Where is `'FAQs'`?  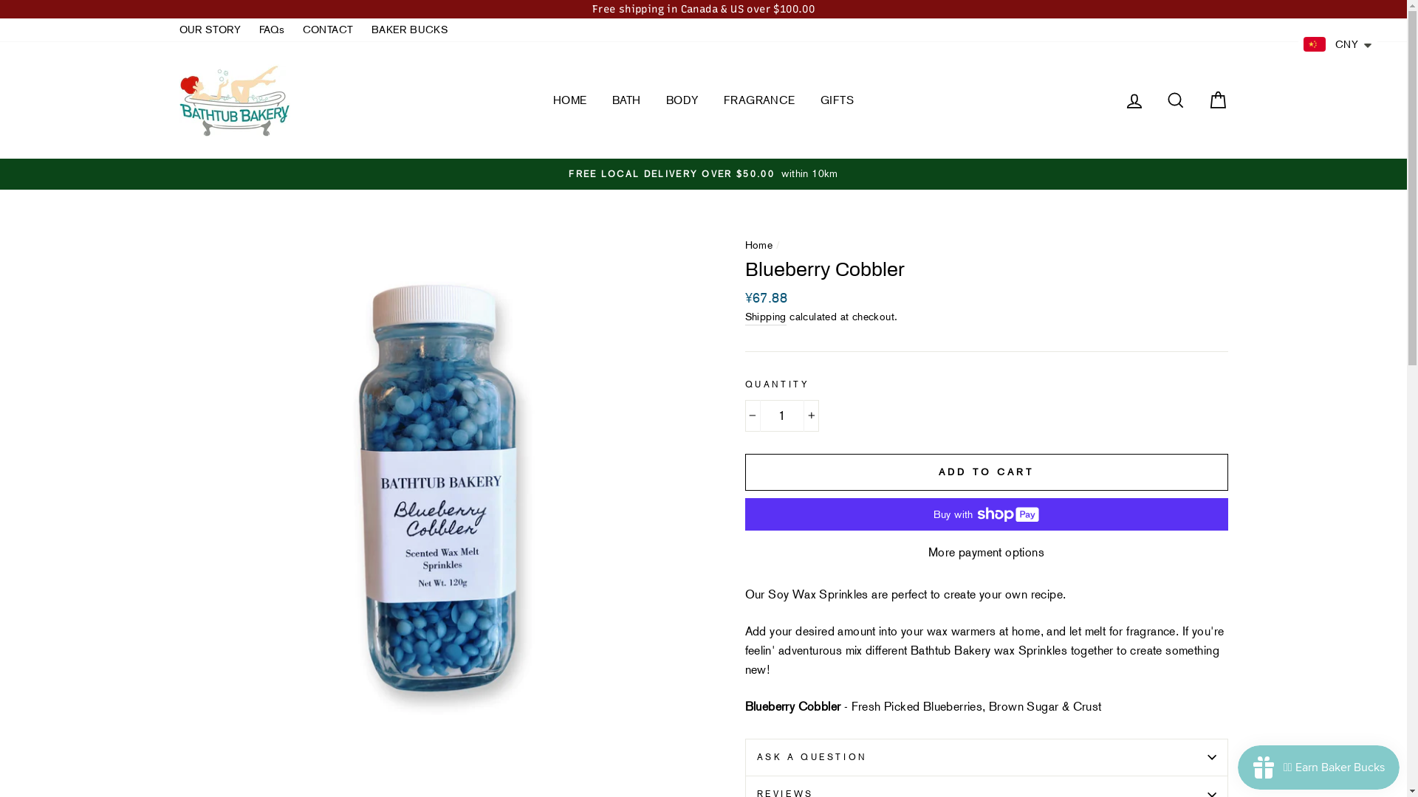
'FAQs' is located at coordinates (251, 30).